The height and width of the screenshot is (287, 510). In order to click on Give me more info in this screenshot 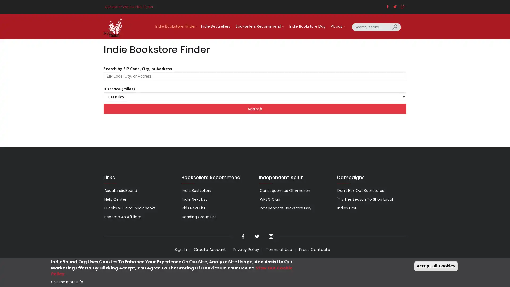, I will do `click(67, 281)`.